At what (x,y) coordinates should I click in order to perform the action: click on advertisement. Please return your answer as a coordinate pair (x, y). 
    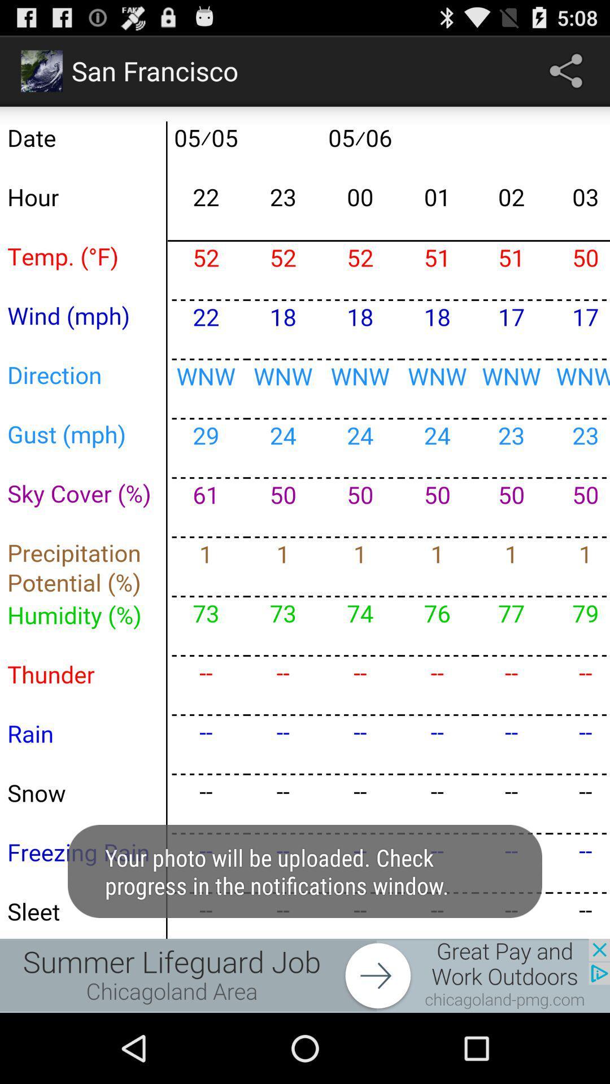
    Looking at the image, I should click on (305, 975).